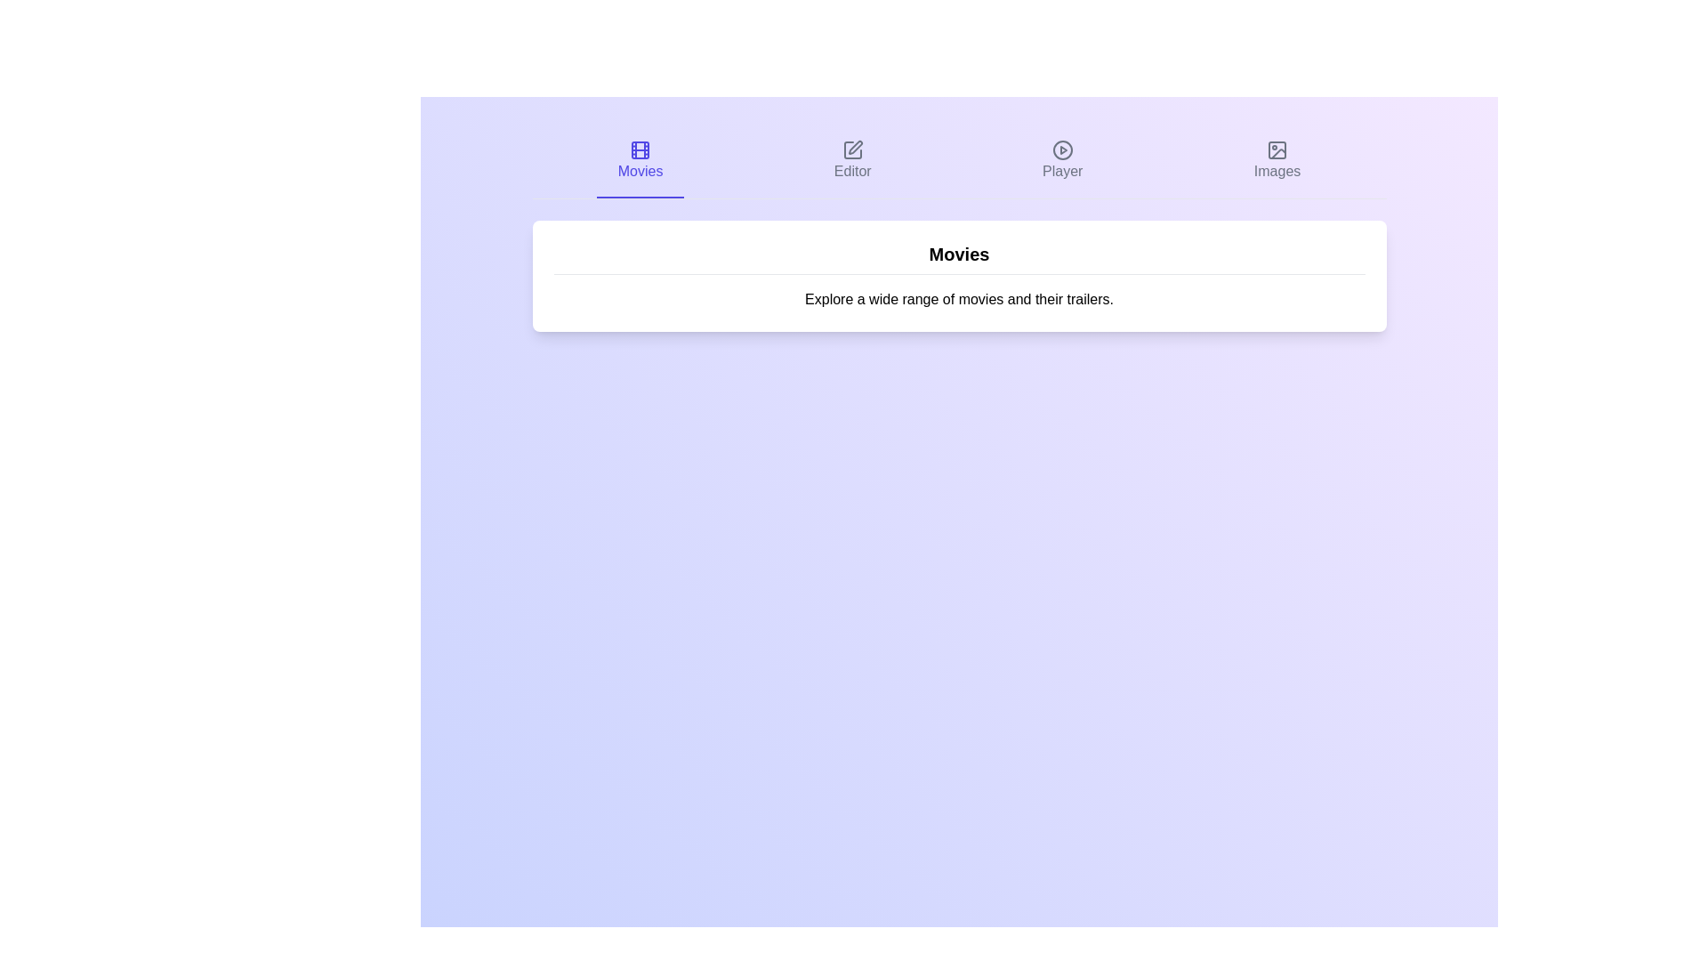  What do you see at coordinates (1063, 161) in the screenshot?
I see `the tab Player to activate it` at bounding box center [1063, 161].